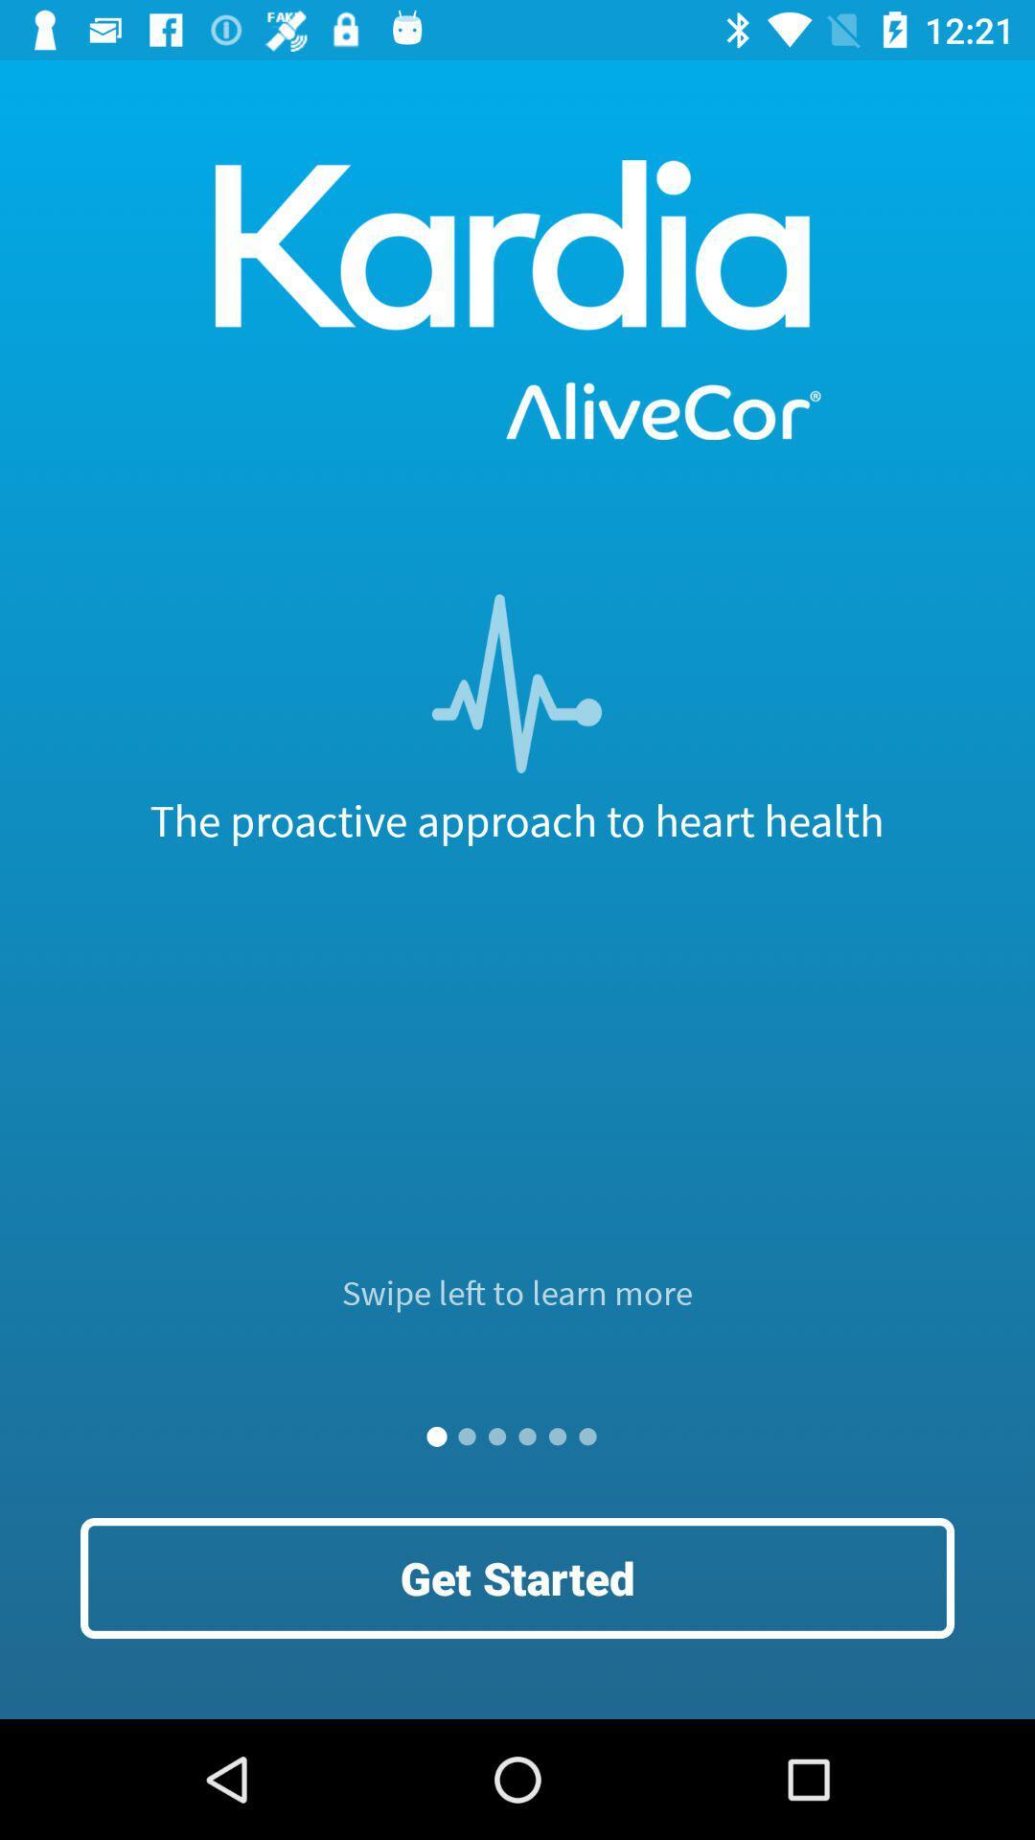  Describe the element at coordinates (517, 1577) in the screenshot. I see `the get started icon` at that location.